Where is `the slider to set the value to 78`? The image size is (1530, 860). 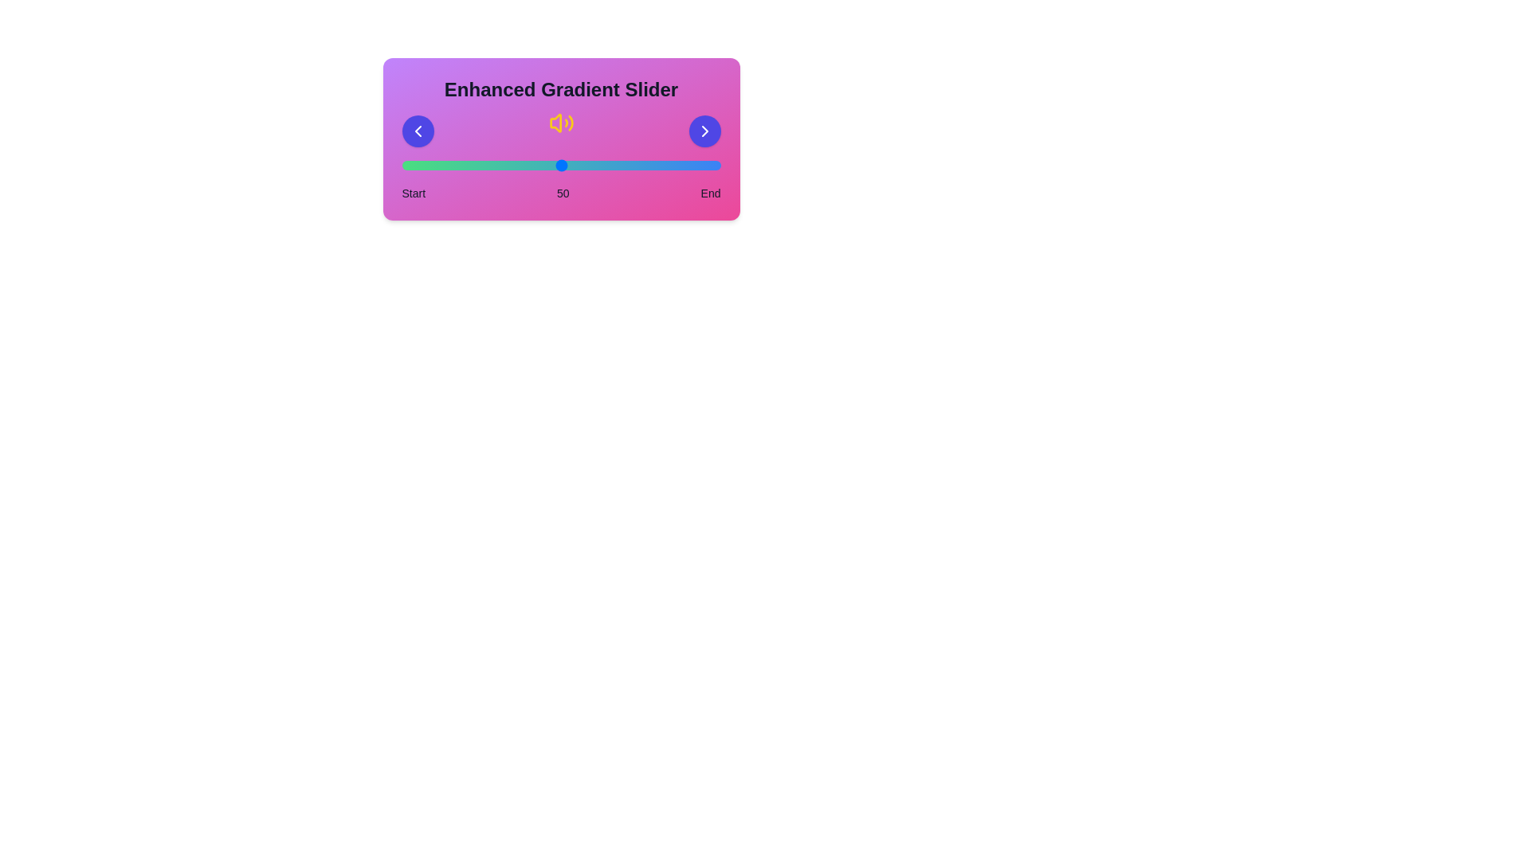 the slider to set the value to 78 is located at coordinates (650, 166).